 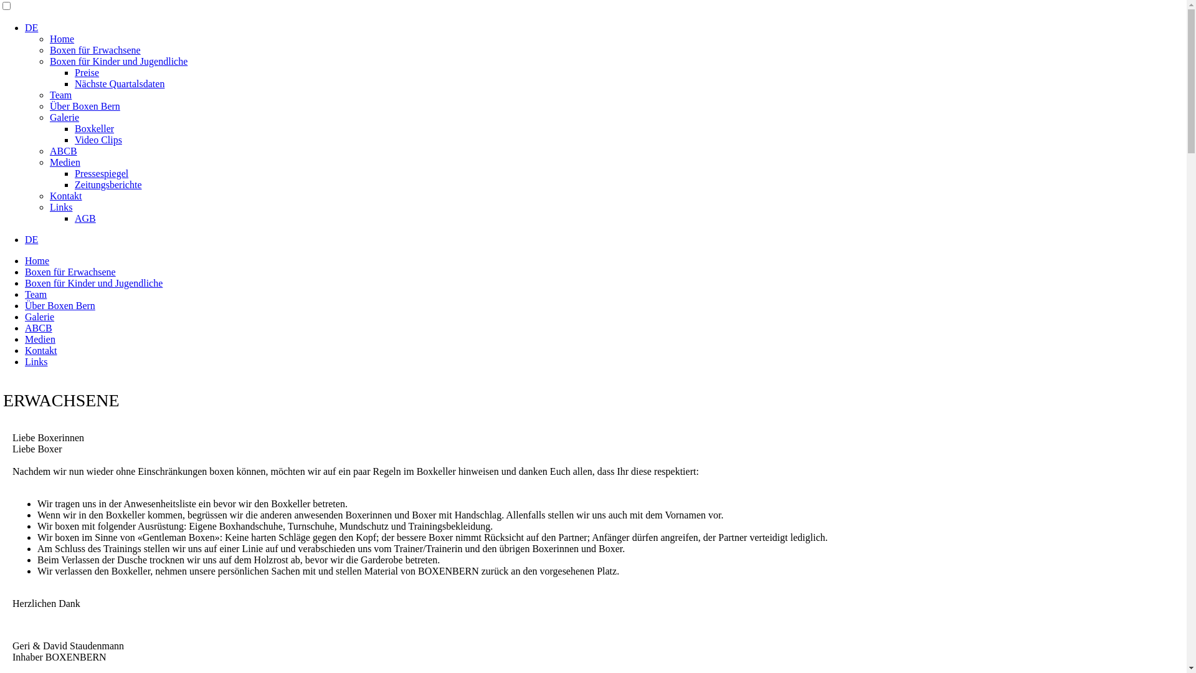 What do you see at coordinates (62, 150) in the screenshot?
I see `'ABCB'` at bounding box center [62, 150].